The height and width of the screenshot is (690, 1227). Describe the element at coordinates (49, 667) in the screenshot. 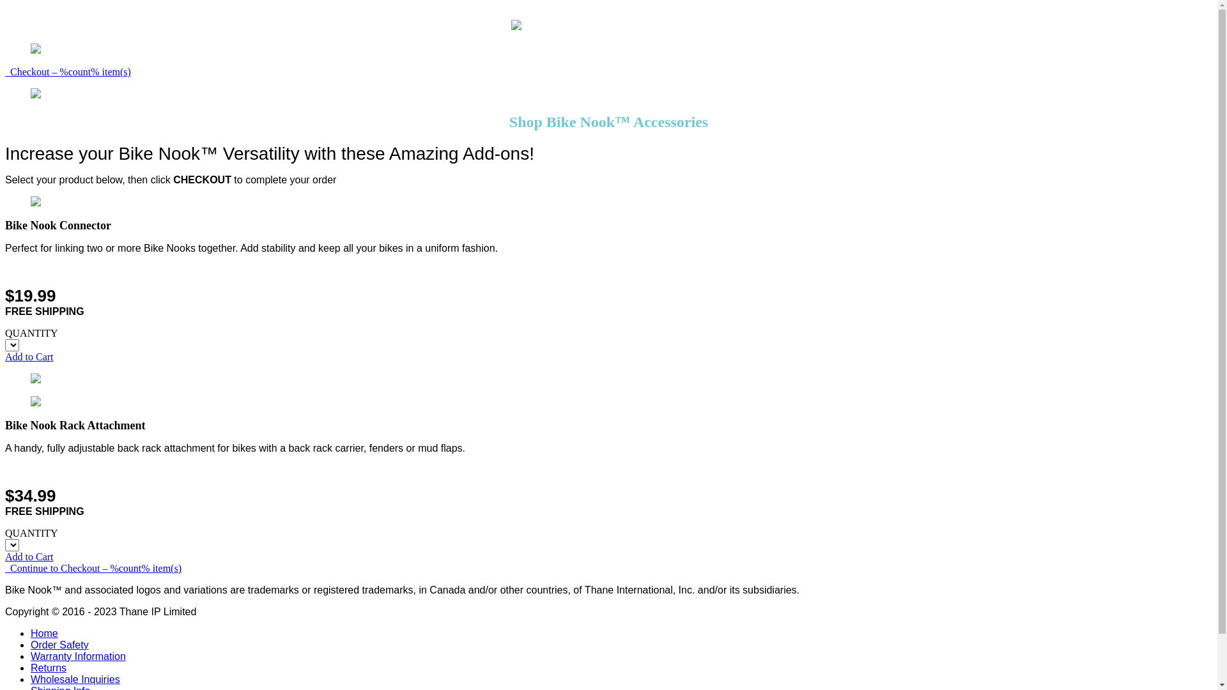

I see `'Returns'` at that location.